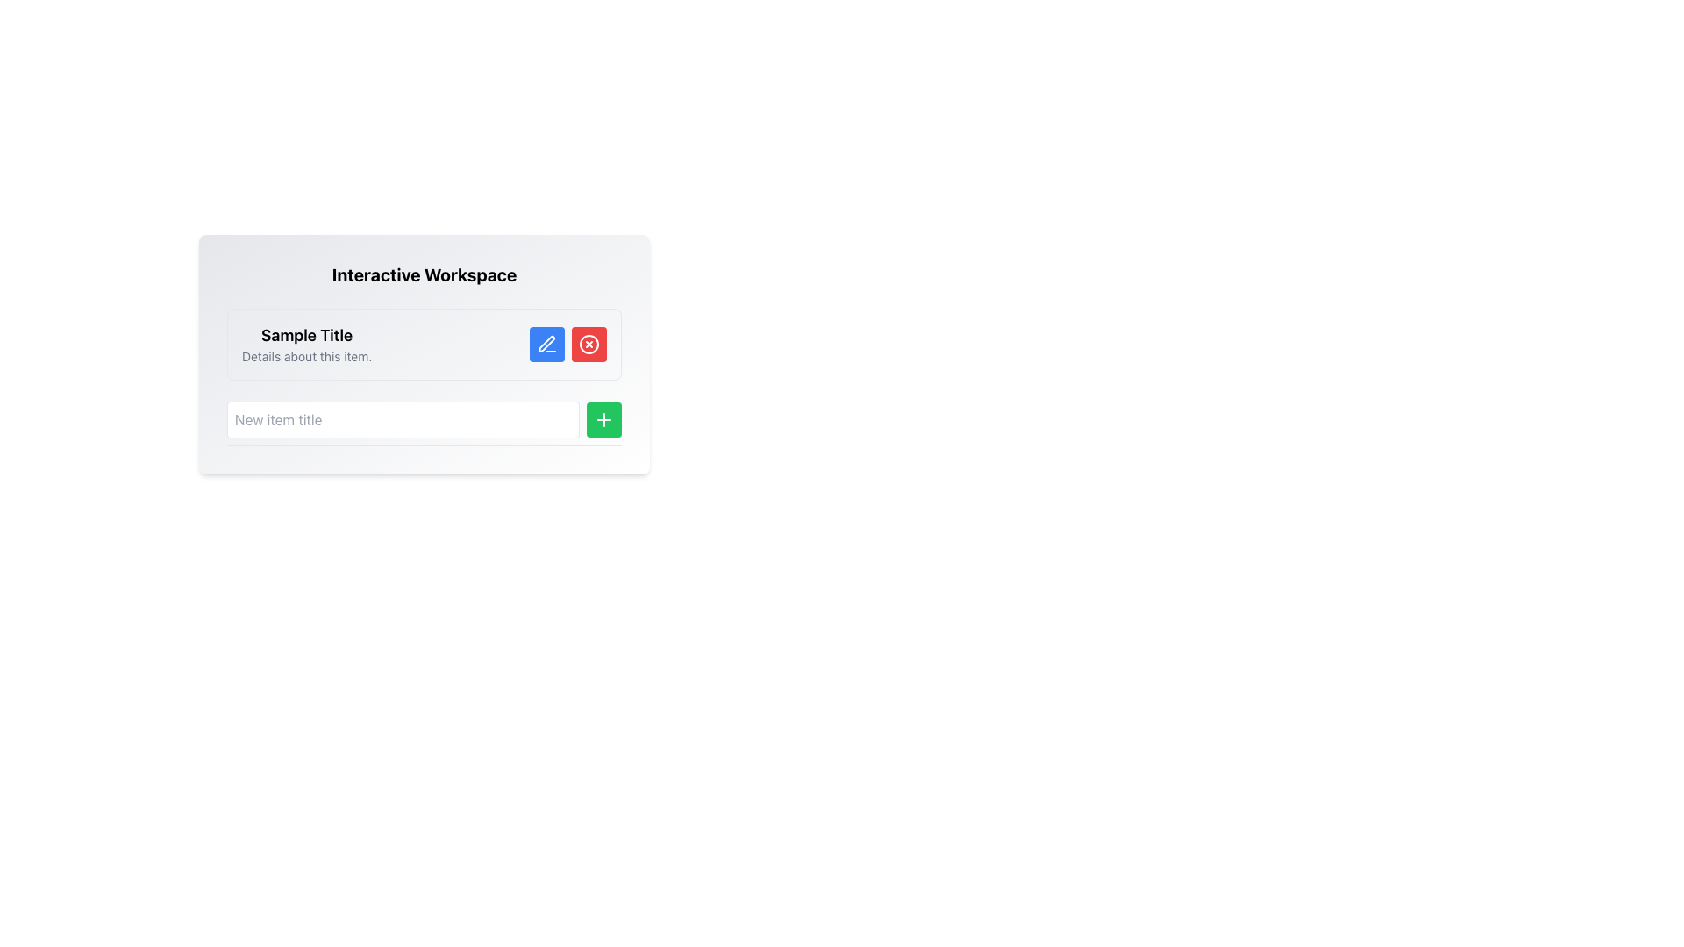 This screenshot has height=947, width=1684. I want to click on the green button with a white plus icon, located on the right side of the 'New item title' input field, so click(604, 419).